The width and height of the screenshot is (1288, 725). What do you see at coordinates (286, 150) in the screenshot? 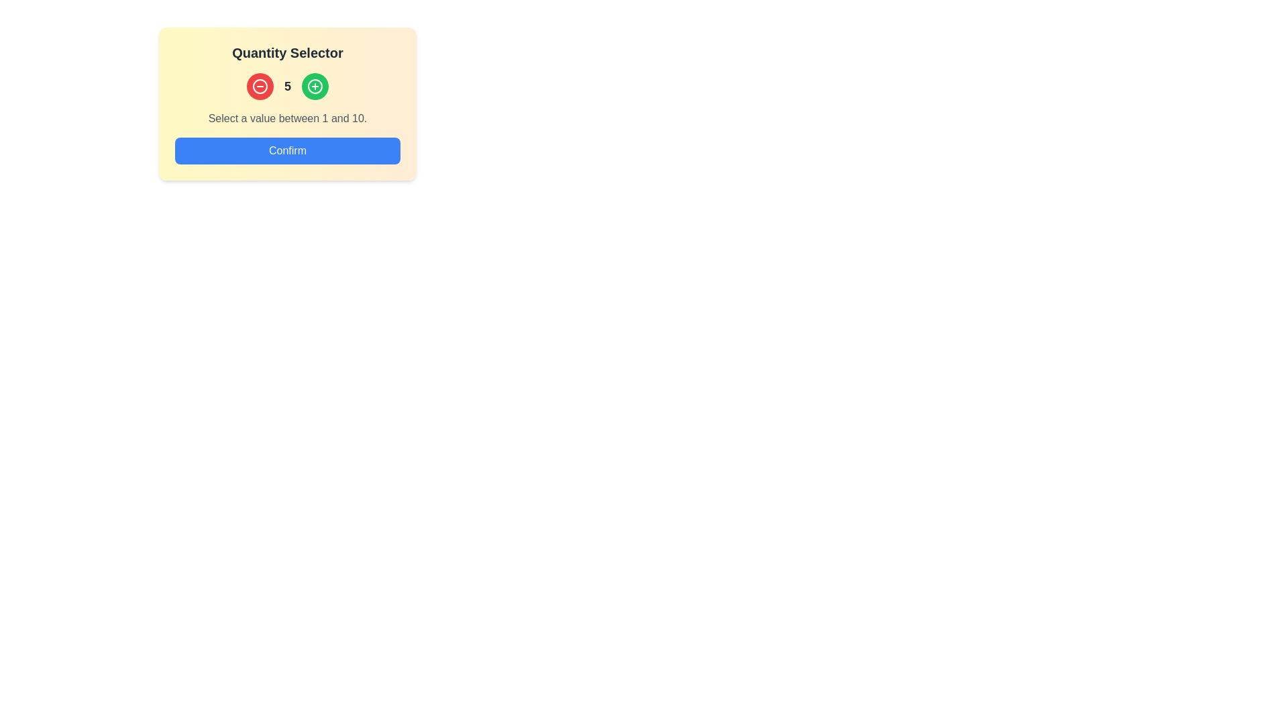
I see `the 'Confirm' button, which is a horizontally-aligned rectangular button with a blue background and rounded corners, located below the label 'Select a value between 1 and 10.'` at bounding box center [286, 150].